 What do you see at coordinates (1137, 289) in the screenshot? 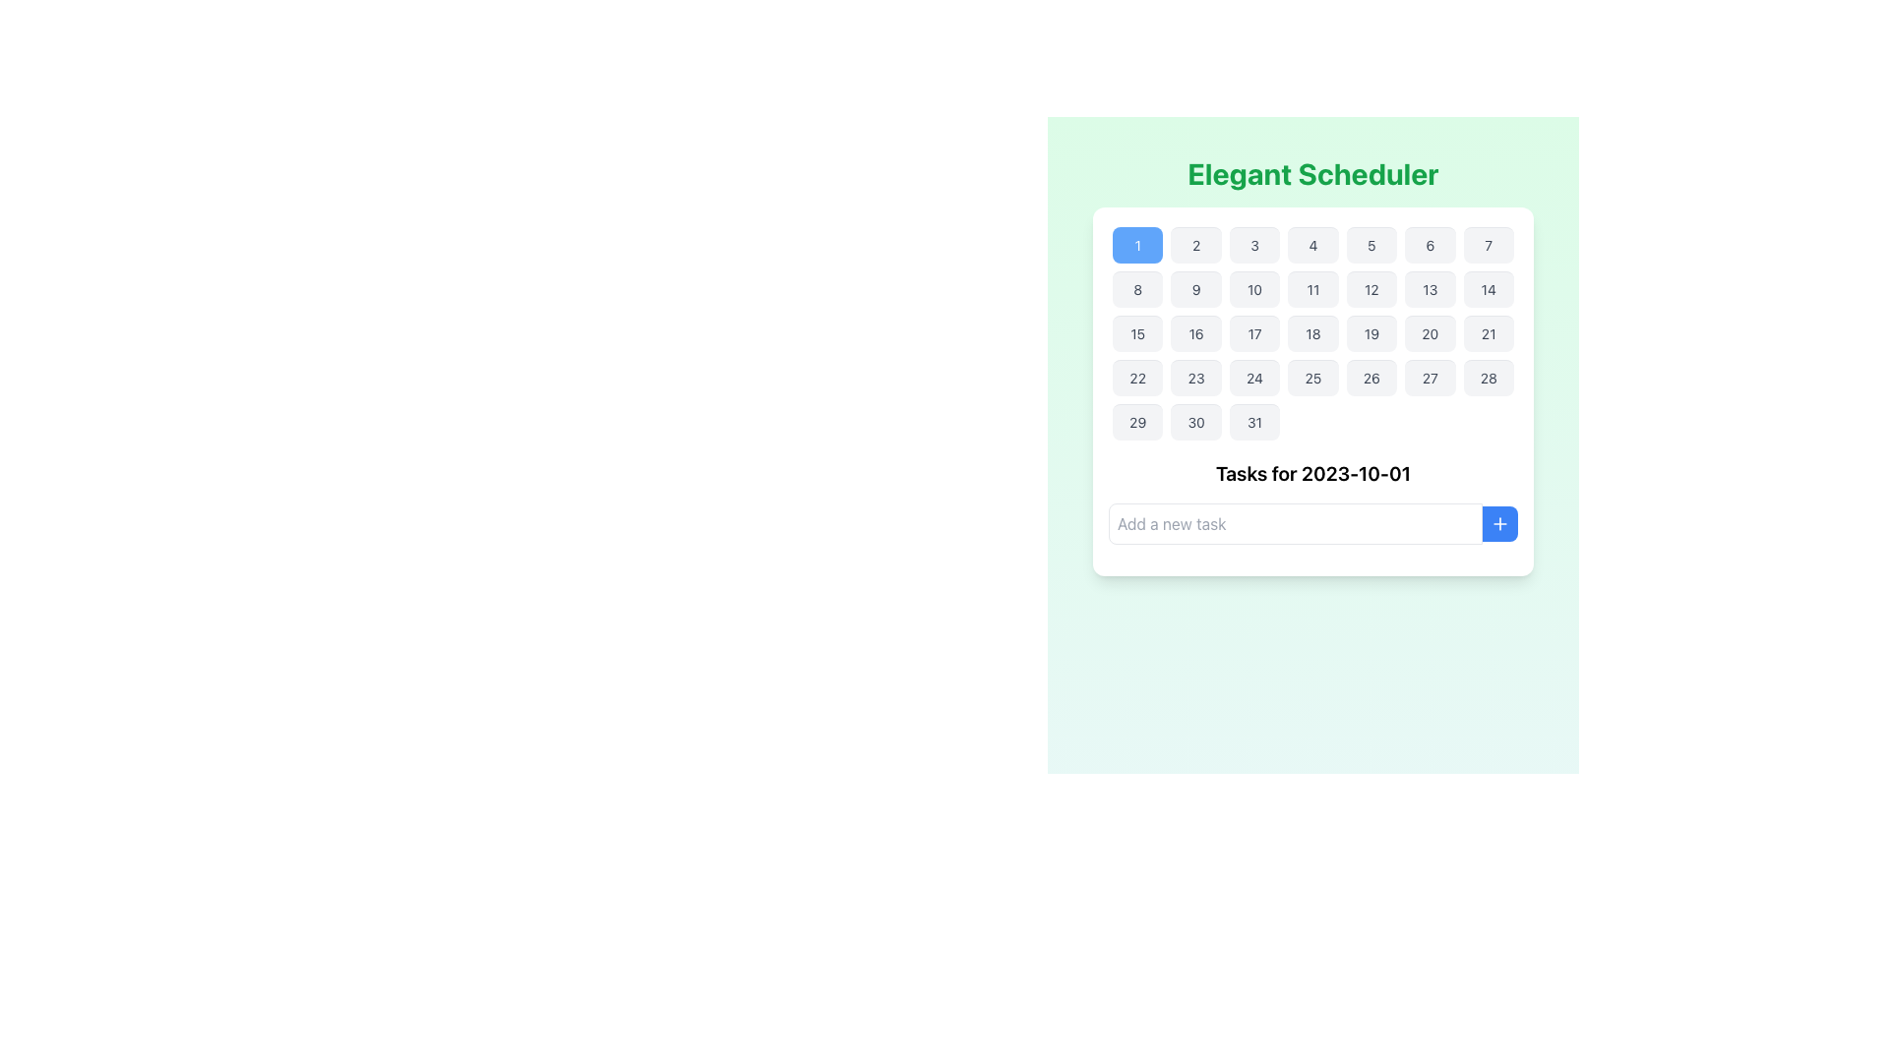
I see `the eighth button in the calendar grid` at bounding box center [1137, 289].